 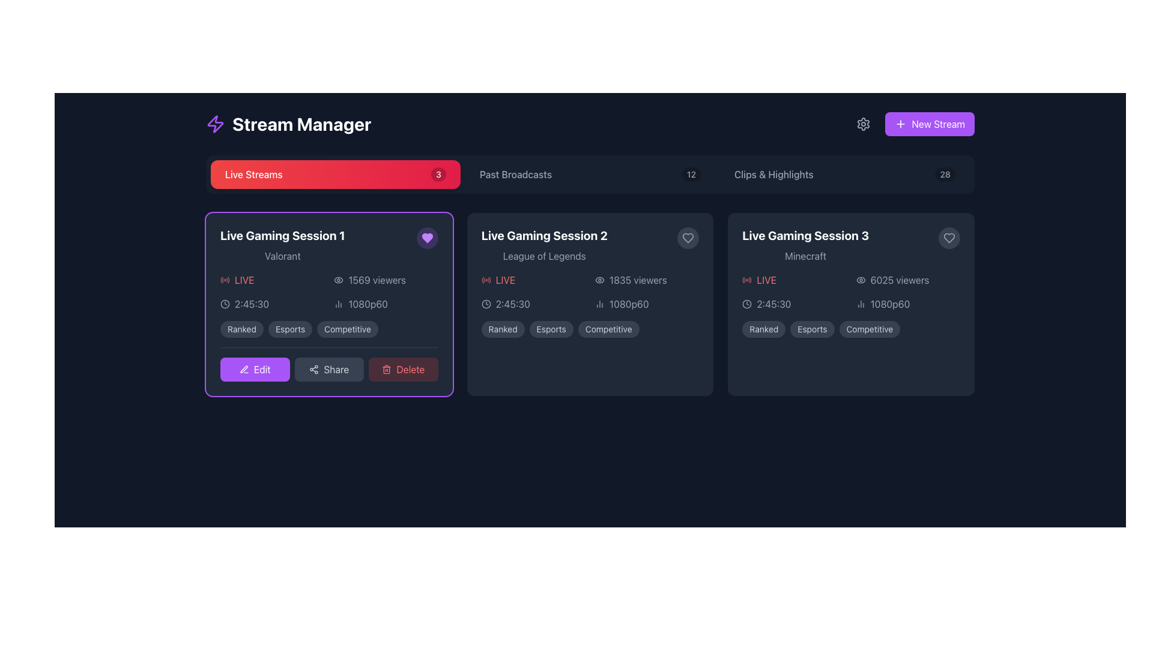 I want to click on the 'LIVE' label with a red color and radio signal icon, located in the 'Live Gaming Session 1' card, so click(x=271, y=280).